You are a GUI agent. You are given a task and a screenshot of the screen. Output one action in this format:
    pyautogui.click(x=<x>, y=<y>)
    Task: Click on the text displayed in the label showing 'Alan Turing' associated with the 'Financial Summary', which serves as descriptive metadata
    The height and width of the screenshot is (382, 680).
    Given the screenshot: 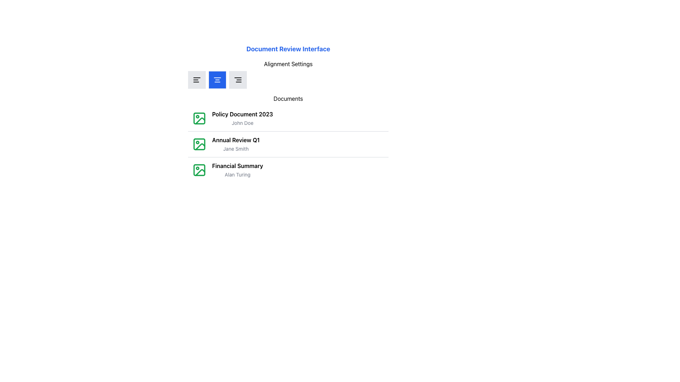 What is the action you would take?
    pyautogui.click(x=237, y=174)
    